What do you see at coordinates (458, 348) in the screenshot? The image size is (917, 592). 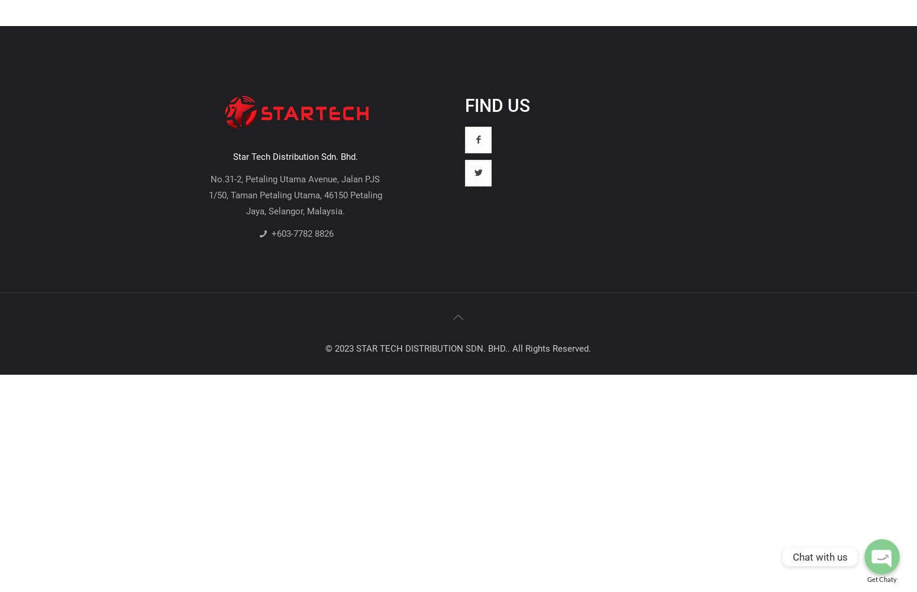 I see `'© 2023 STAR TECH DISTRIBUTION SDN. BHD.. All Rights Reserved.'` at bounding box center [458, 348].